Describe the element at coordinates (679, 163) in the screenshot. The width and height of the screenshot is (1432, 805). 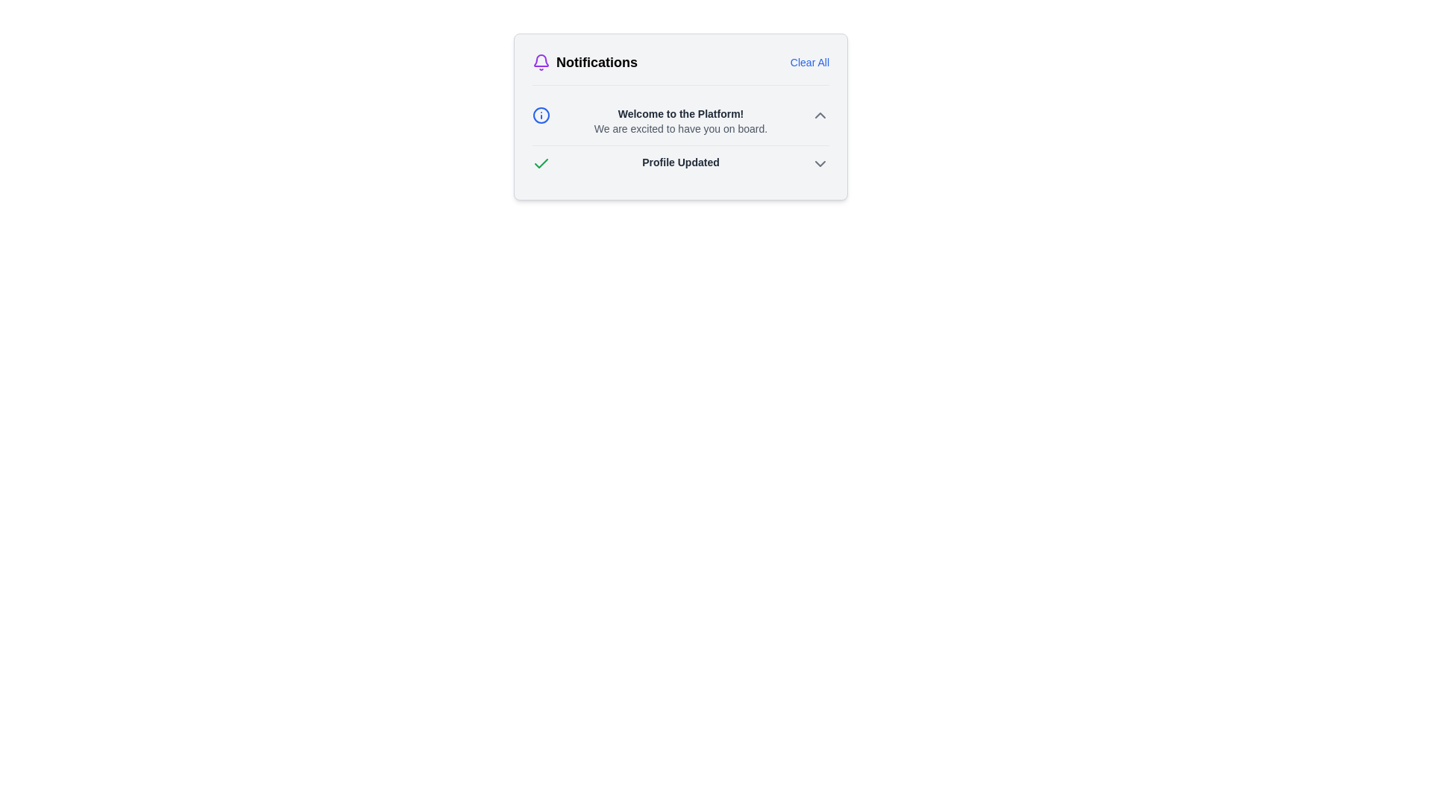
I see `the 'Profile Updated' notification row with dropdown capability` at that location.